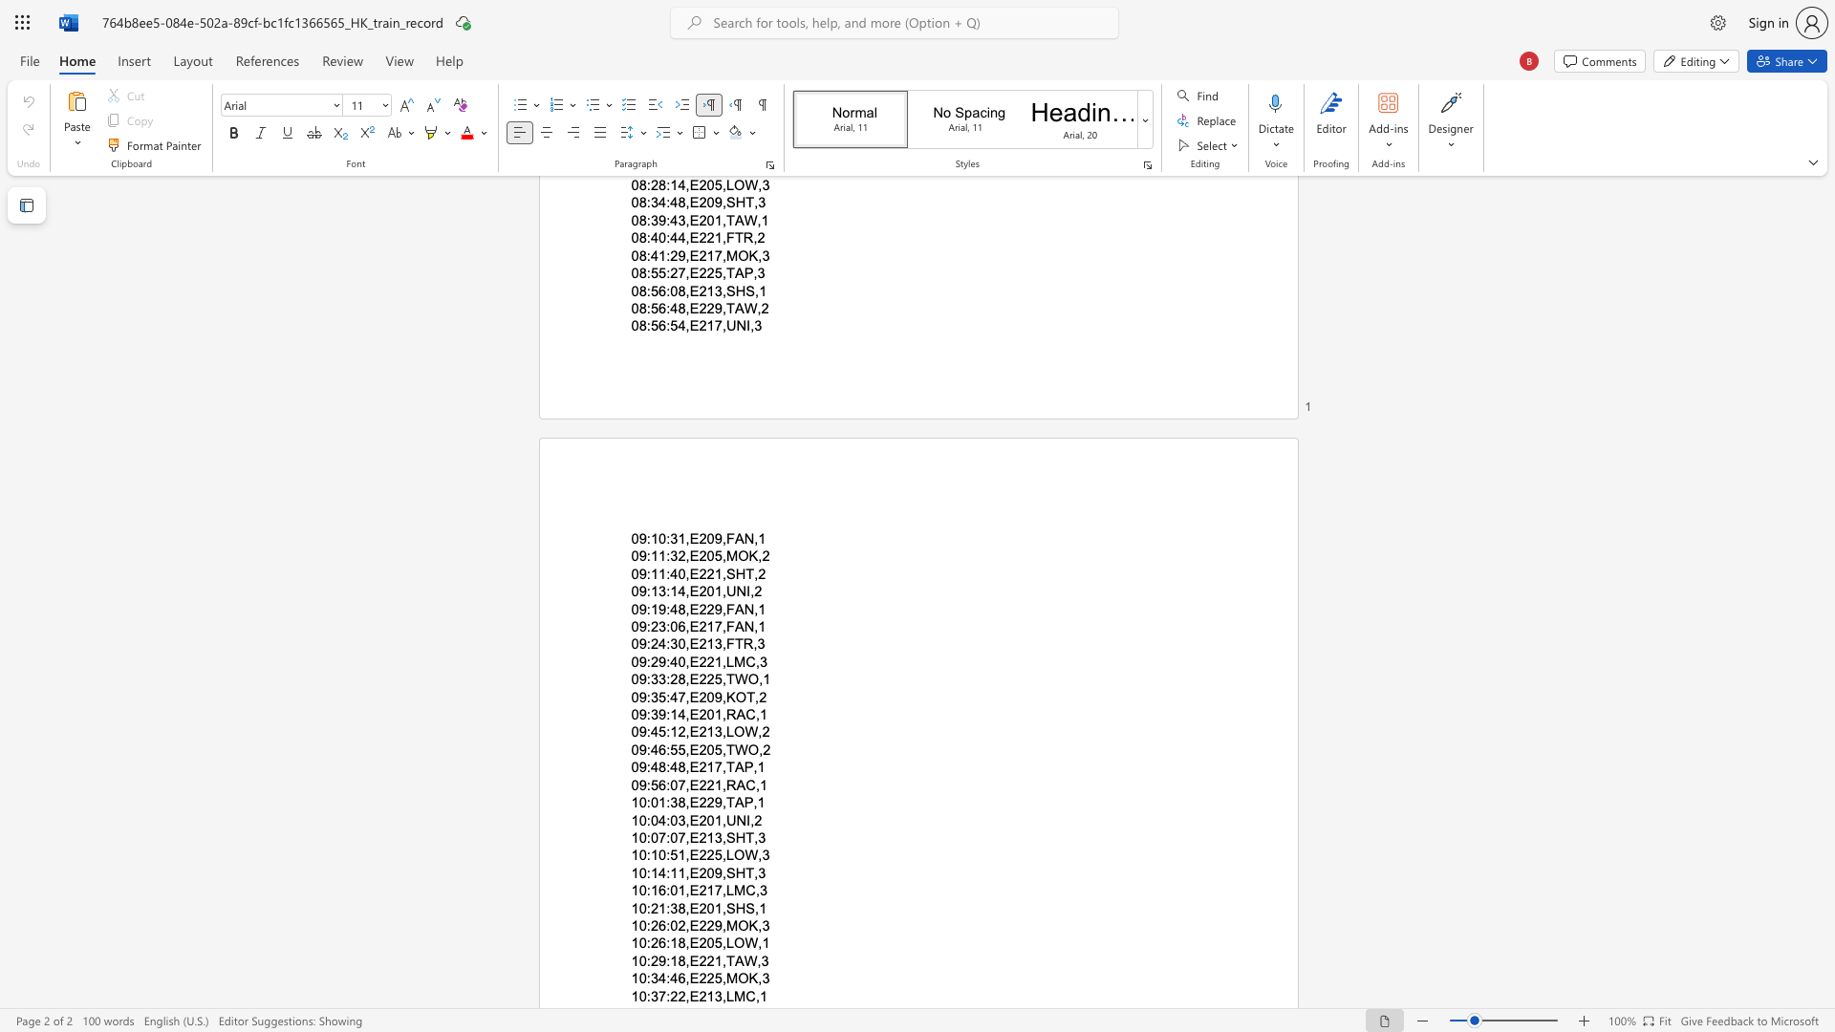 Image resolution: width=1835 pixels, height=1032 pixels. I want to click on the space between the continuous character "E" and "2" in the text, so click(697, 836).